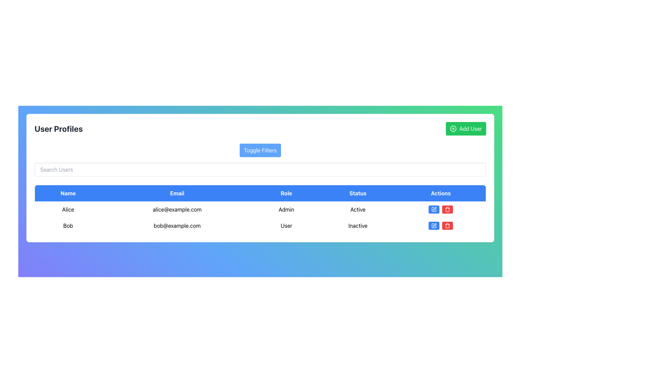  I want to click on the static text displaying 'bob@example.com' located under the 'Email' column in the user table, which is aligned with the name 'Bob', so click(177, 226).